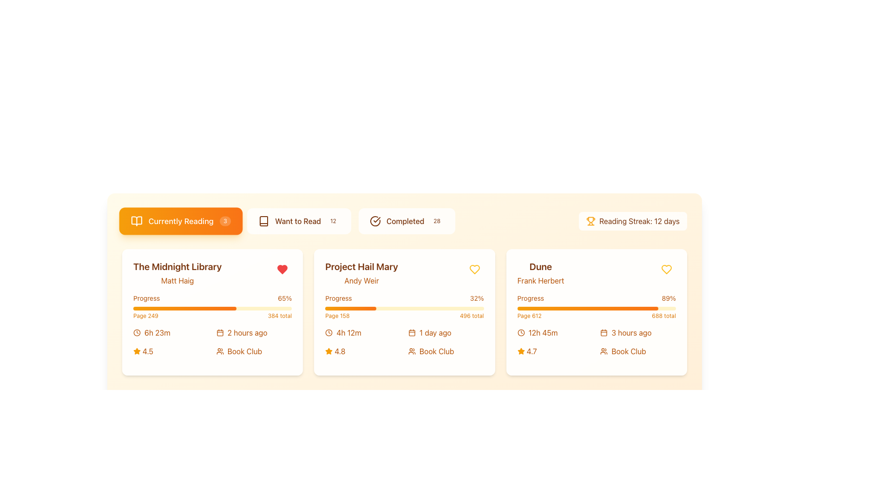  I want to click on the text label displaying 'Page 158' located within the reading progress section of the 'Project Hail Mary' card, so click(337, 315).